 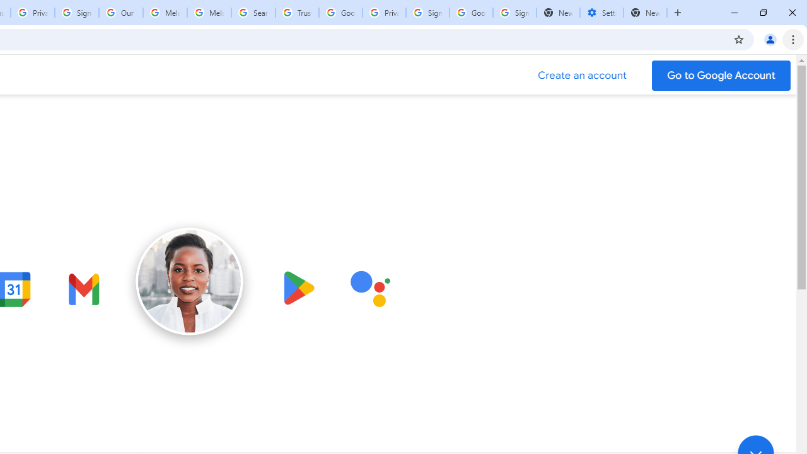 I want to click on 'Google Cybersecurity Innovations - Google Safety Center', so click(x=470, y=13).